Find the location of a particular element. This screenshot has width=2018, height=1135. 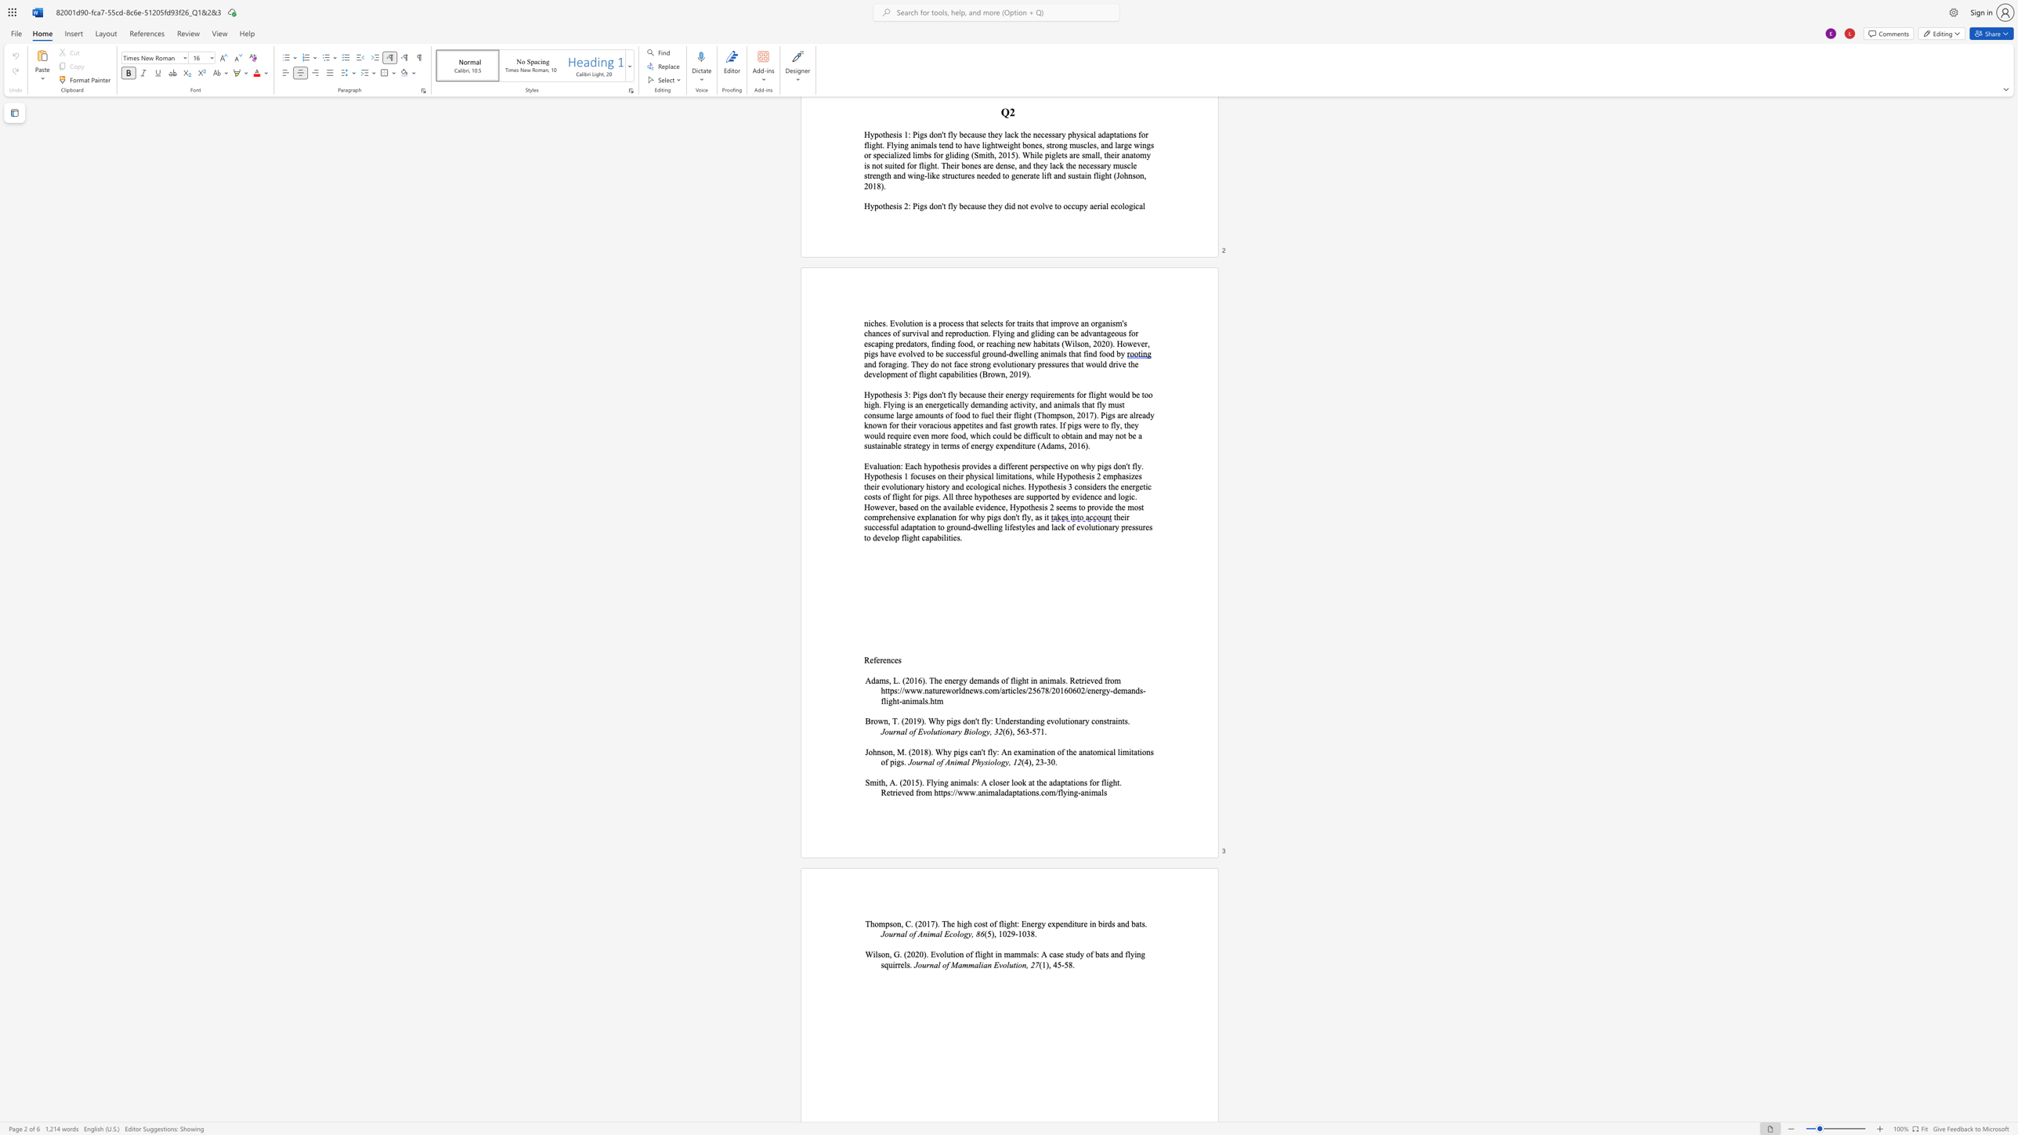

the subset text "038" within the text "(5), 1029-1038." is located at coordinates (1022, 933).